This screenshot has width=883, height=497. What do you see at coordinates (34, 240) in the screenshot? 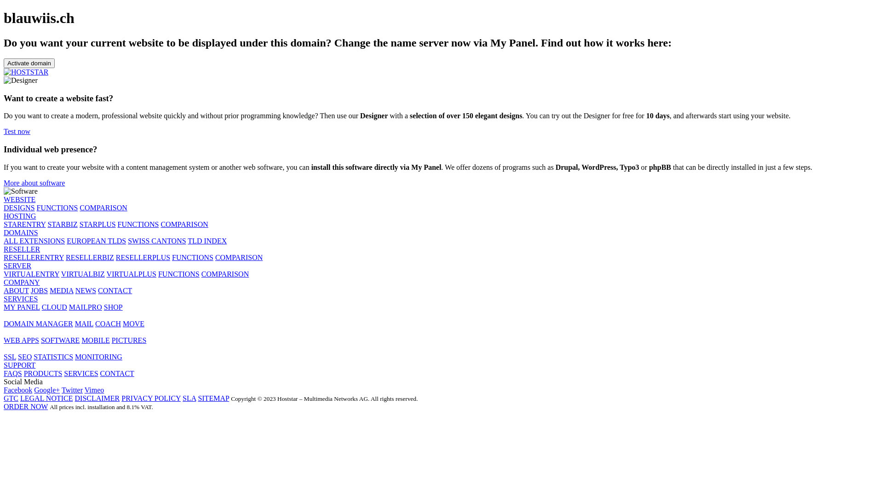
I see `'ALL EXTENSIONS'` at bounding box center [34, 240].